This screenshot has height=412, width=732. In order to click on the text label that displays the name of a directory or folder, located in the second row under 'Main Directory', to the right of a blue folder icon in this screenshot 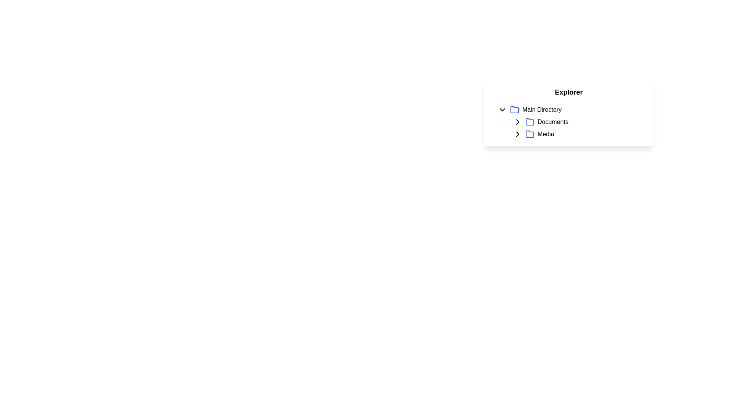, I will do `click(553, 122)`.